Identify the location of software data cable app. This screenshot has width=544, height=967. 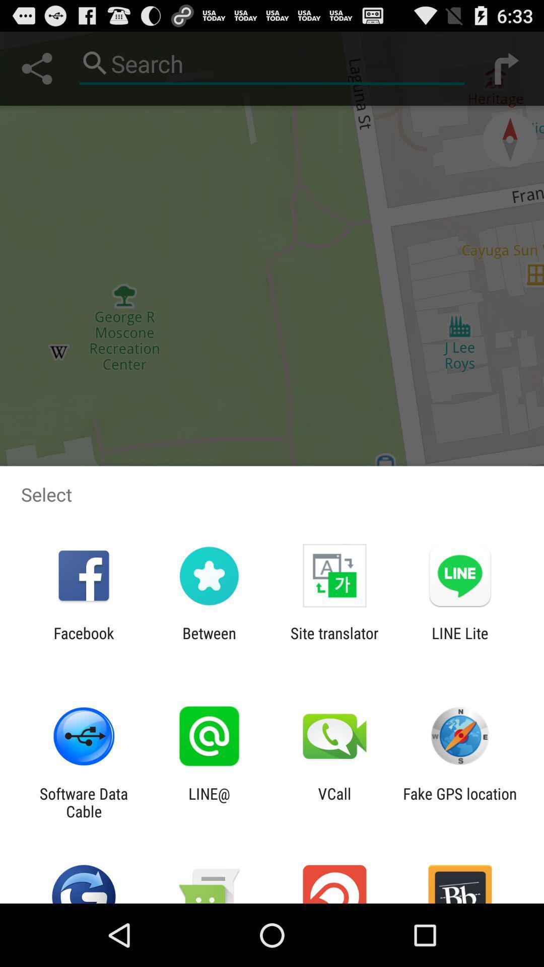
(83, 802).